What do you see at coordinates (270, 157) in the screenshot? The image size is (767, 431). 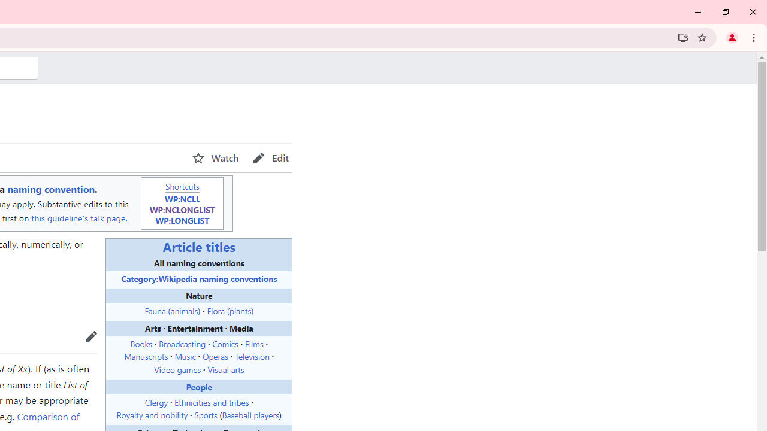 I see `'AutomationID: page-actions-edit'` at bounding box center [270, 157].